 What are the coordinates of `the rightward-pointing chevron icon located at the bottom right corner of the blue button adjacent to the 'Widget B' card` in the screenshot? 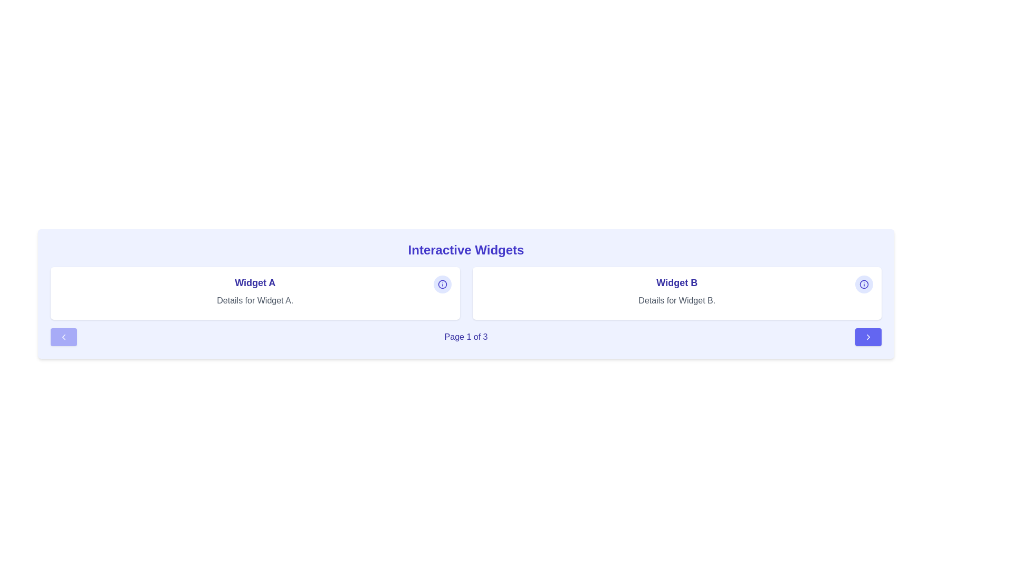 It's located at (868, 337).